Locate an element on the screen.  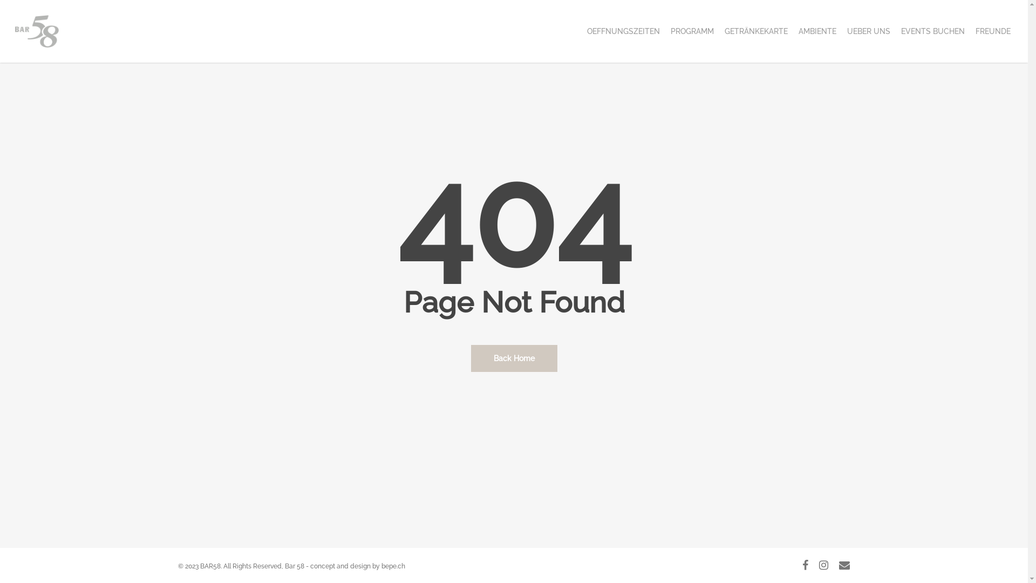
'EVENTS BUCHEN' is located at coordinates (896, 30).